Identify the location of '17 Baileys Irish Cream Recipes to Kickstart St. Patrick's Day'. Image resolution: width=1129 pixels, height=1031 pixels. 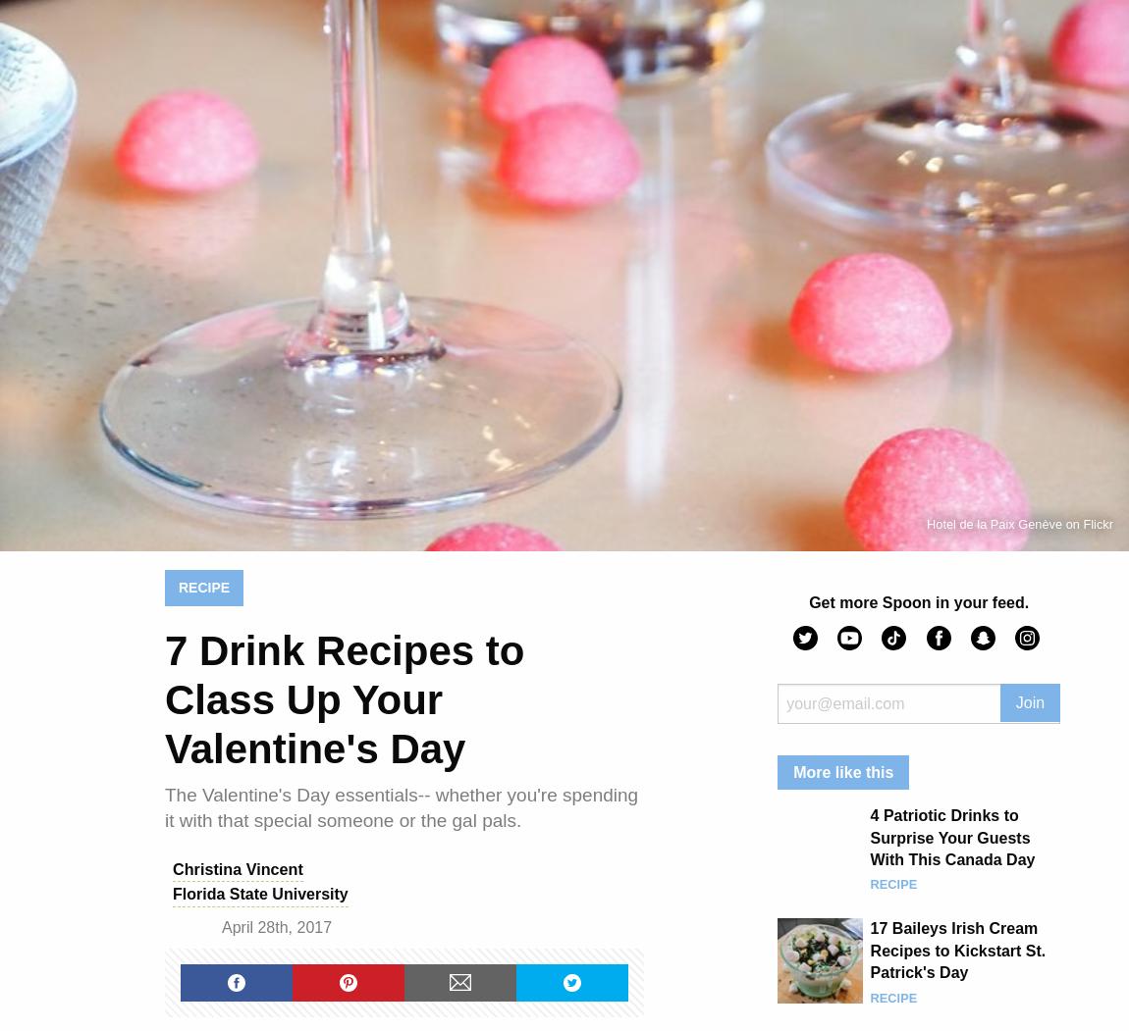
(869, 950).